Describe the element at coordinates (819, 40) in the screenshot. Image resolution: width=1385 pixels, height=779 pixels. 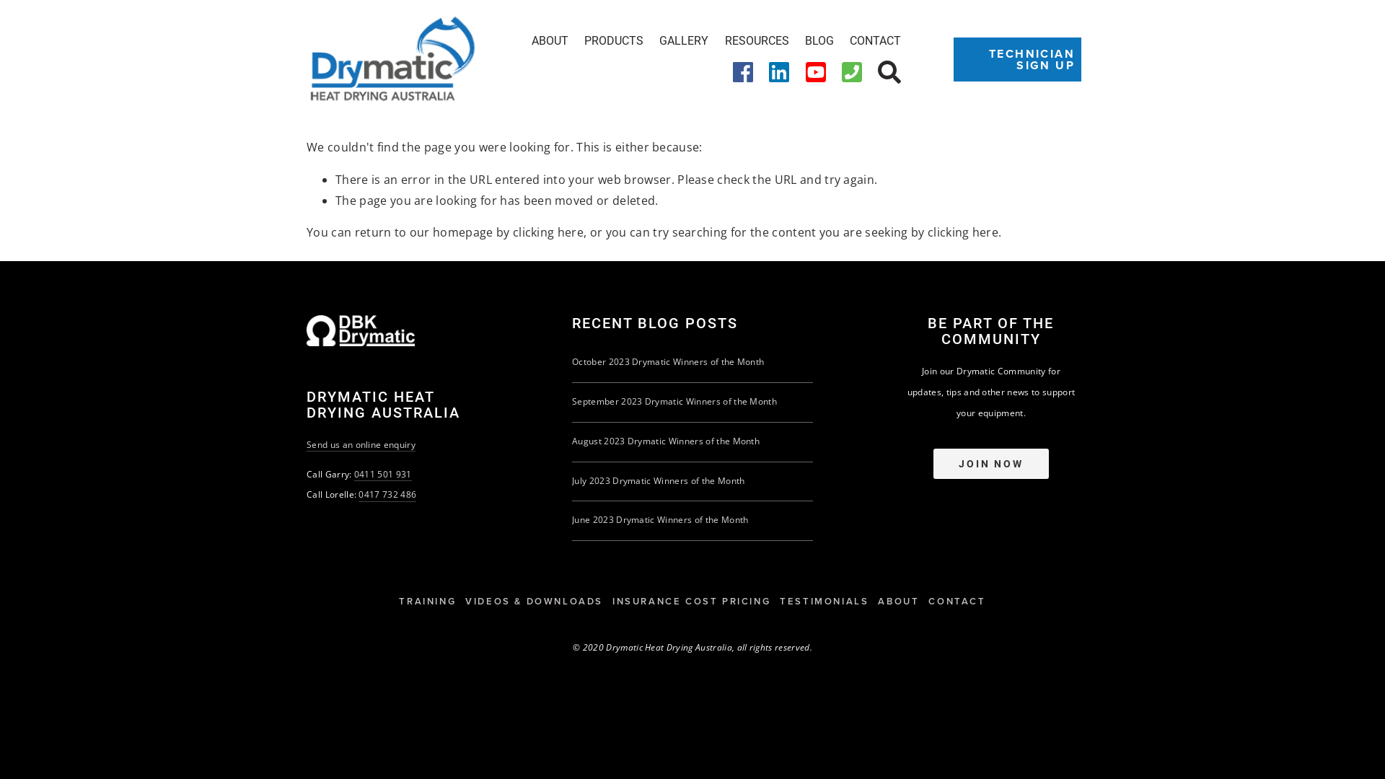
I see `'BLOG'` at that location.